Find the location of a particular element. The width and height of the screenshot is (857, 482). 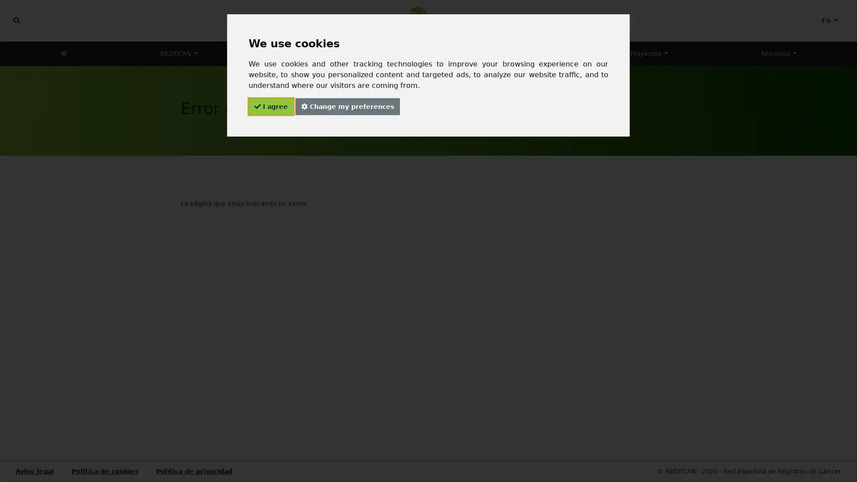

I agree is located at coordinates (270, 106).